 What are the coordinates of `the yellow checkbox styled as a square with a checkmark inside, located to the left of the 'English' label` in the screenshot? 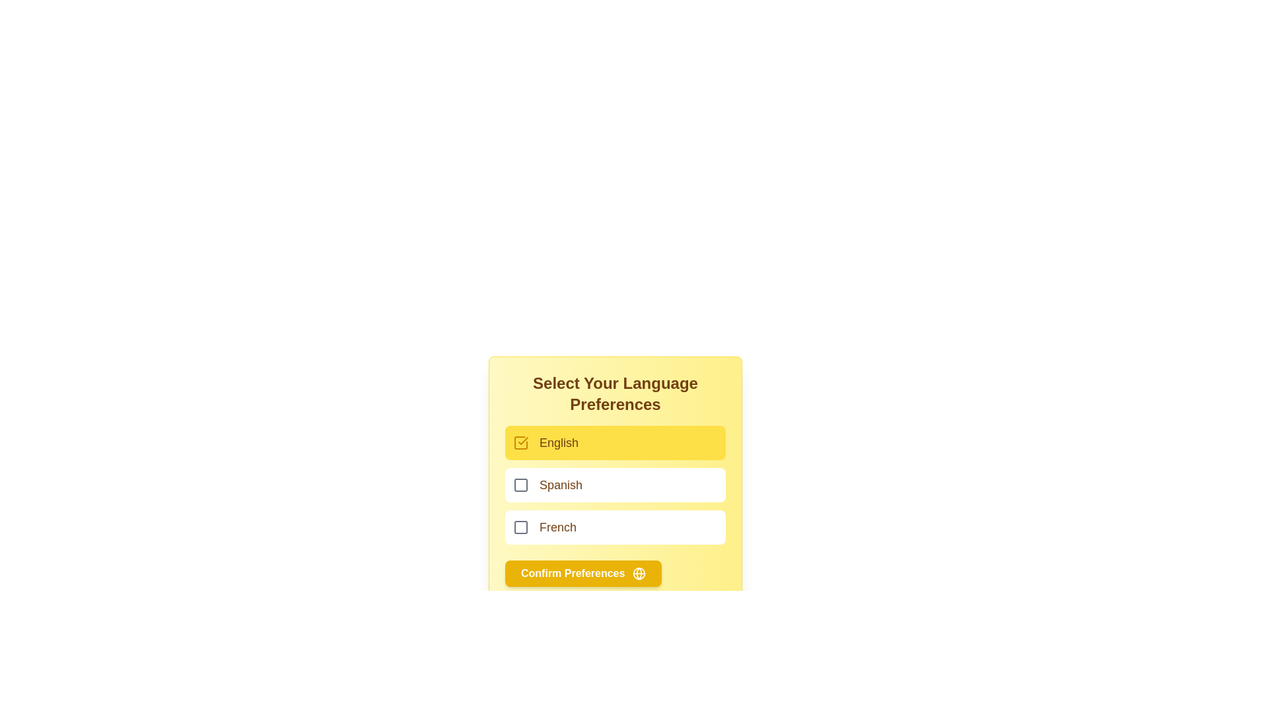 It's located at (520, 443).